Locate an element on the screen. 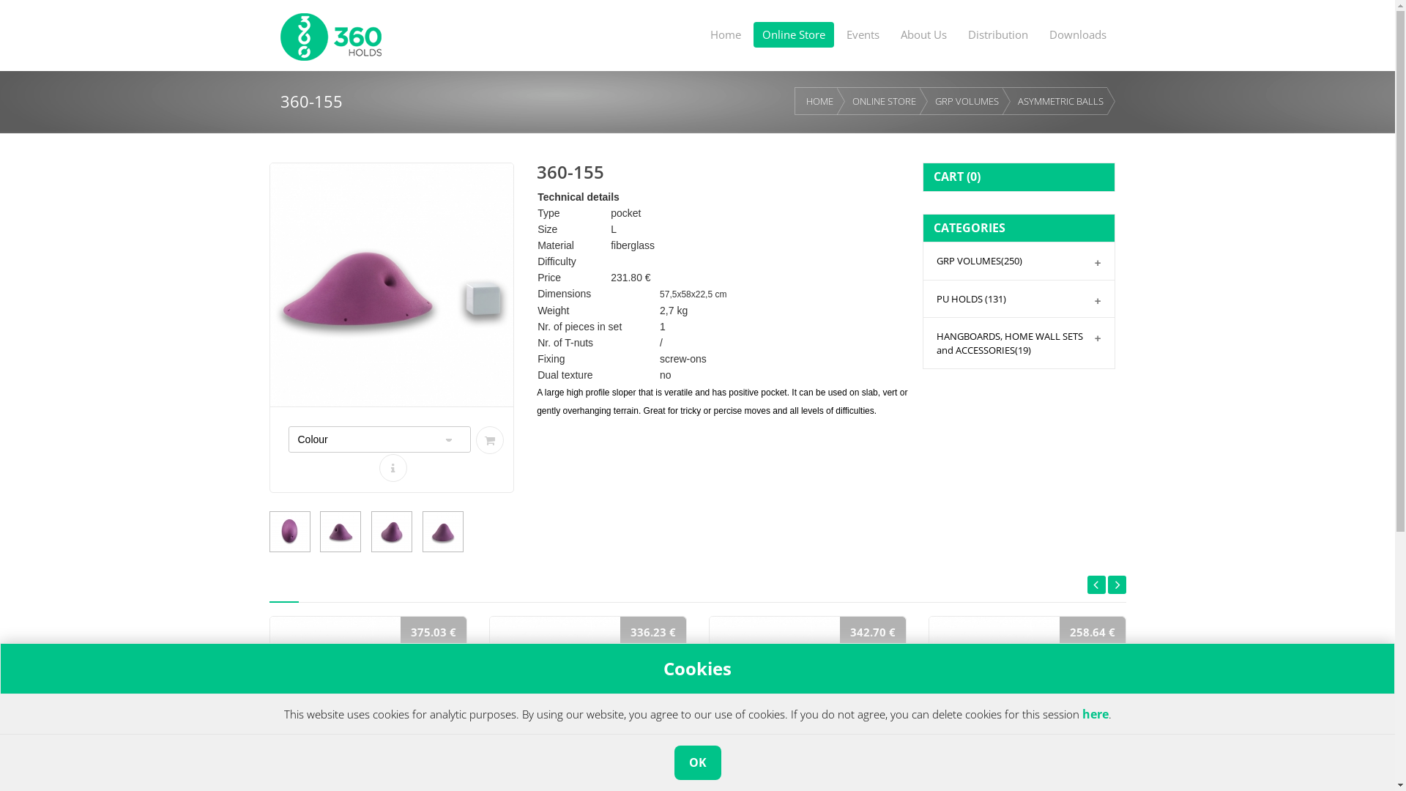 This screenshot has width=1406, height=791. 'Downloads' is located at coordinates (1076, 34).